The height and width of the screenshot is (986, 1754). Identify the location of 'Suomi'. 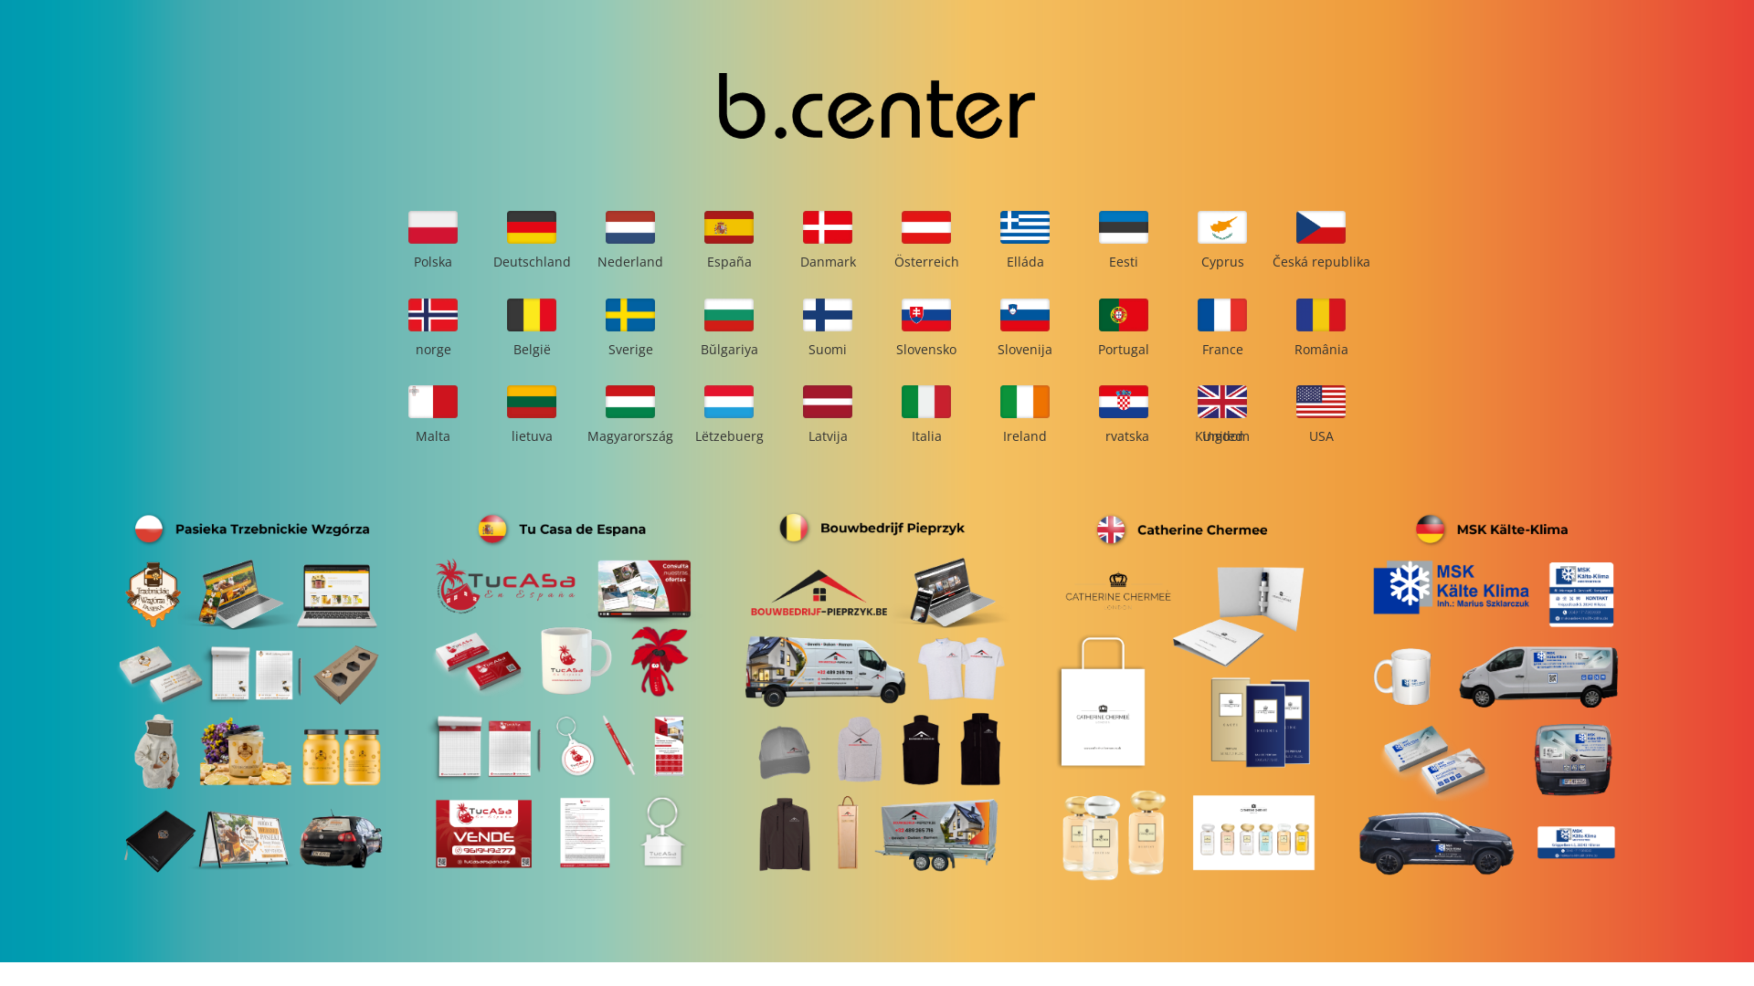
(827, 349).